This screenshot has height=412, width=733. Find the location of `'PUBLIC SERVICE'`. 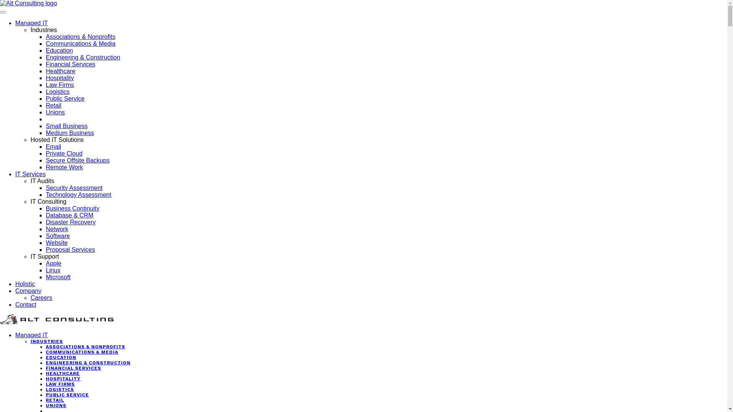

'PUBLIC SERVICE' is located at coordinates (67, 394).